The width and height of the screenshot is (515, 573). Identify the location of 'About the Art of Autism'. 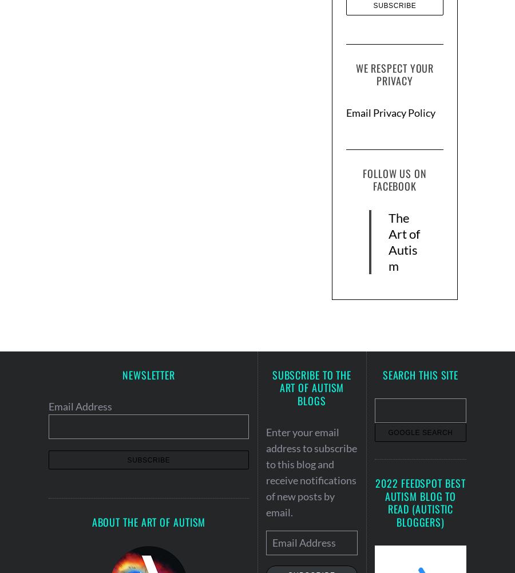
(92, 522).